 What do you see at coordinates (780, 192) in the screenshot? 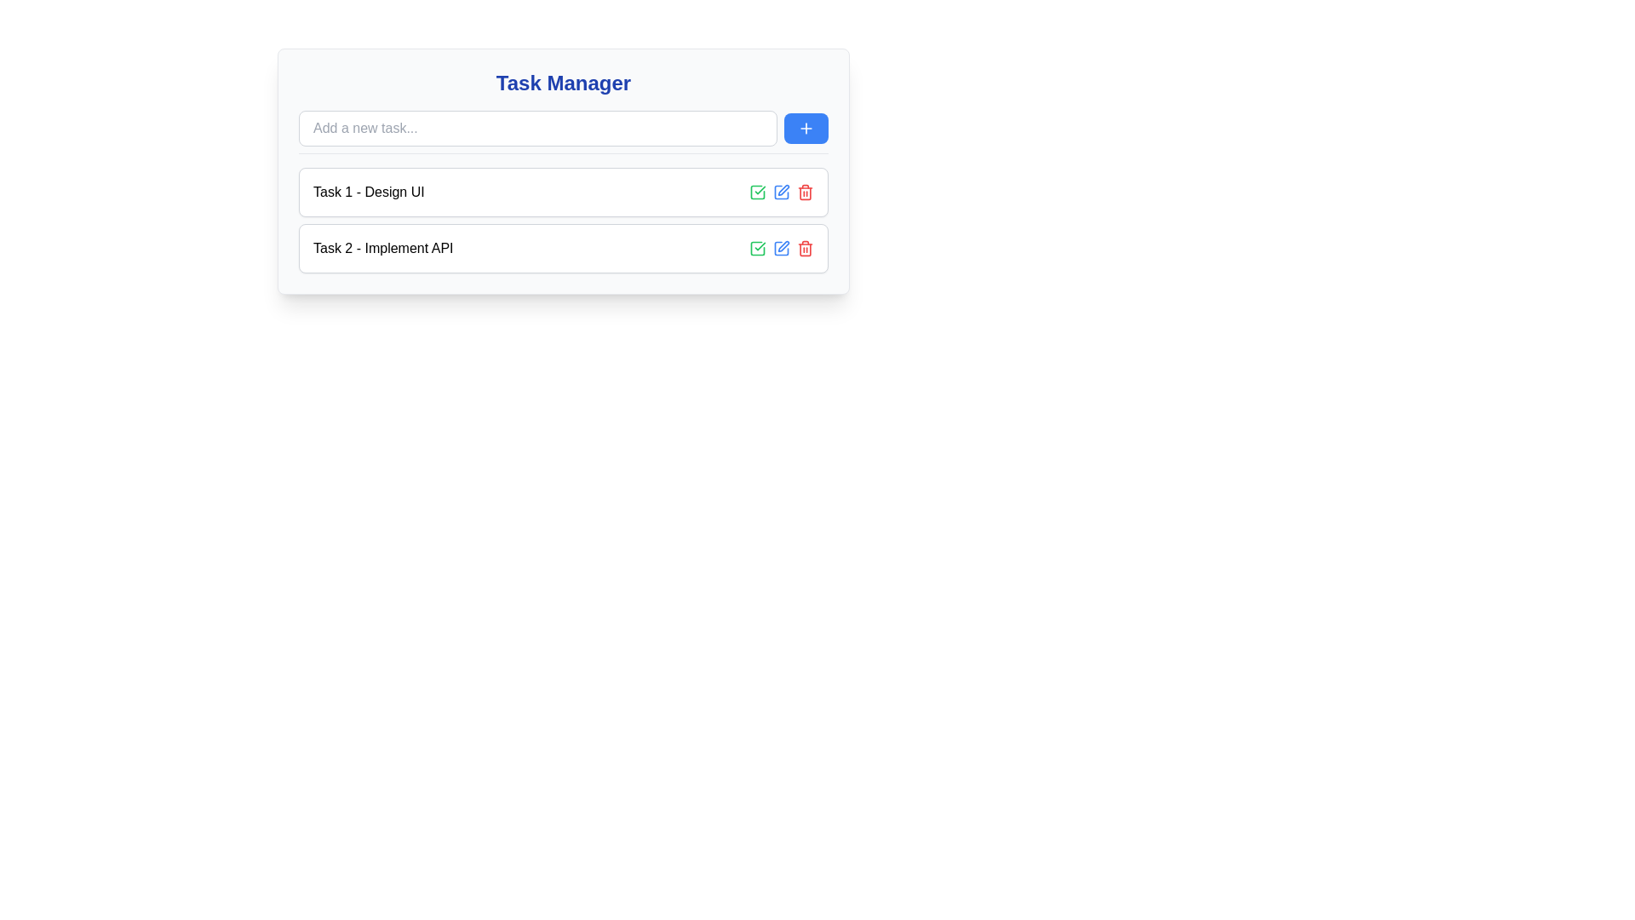
I see `the edit action button icon, which is the second interactive element in a row of buttons for modifying task details, to change its color` at bounding box center [780, 192].